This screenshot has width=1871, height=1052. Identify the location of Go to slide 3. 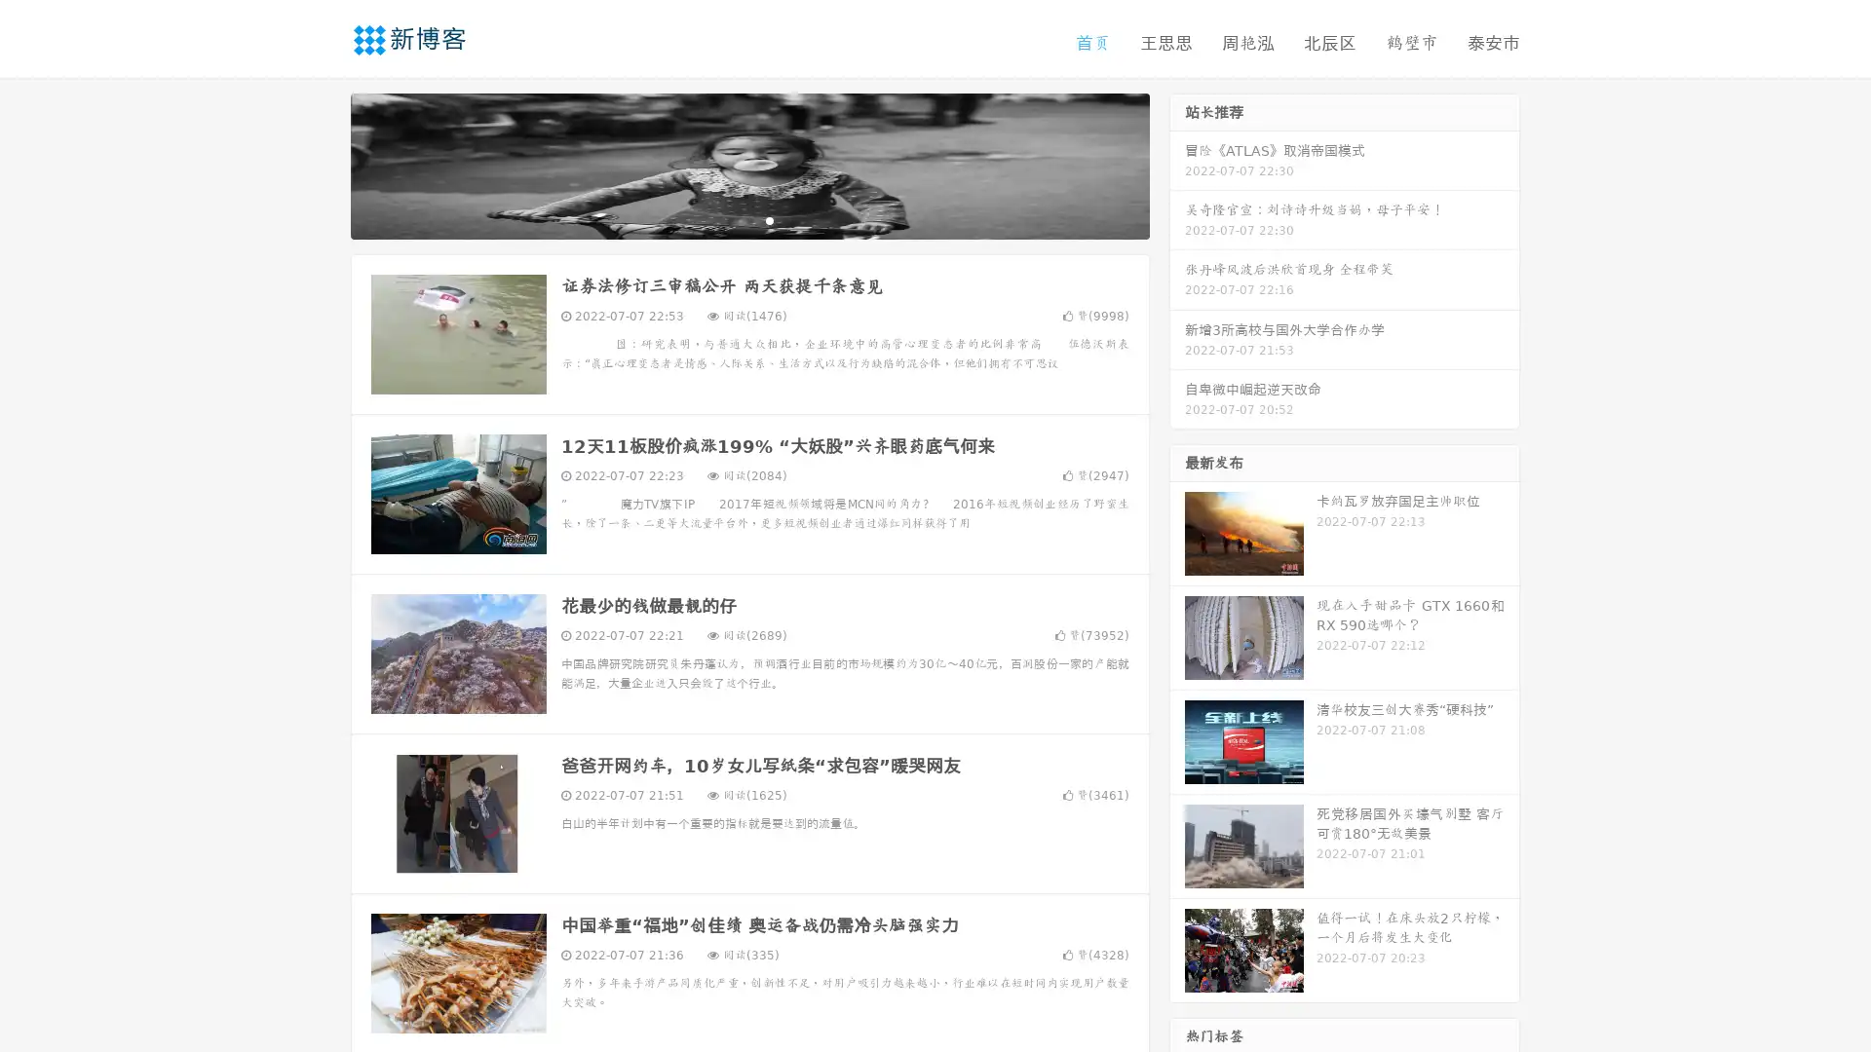
(769, 219).